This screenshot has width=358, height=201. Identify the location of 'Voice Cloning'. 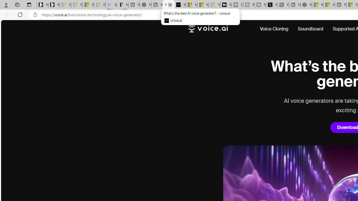
(274, 29).